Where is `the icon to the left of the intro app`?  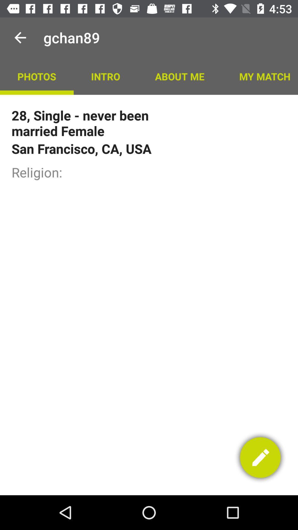
the icon to the left of the intro app is located at coordinates (37, 76).